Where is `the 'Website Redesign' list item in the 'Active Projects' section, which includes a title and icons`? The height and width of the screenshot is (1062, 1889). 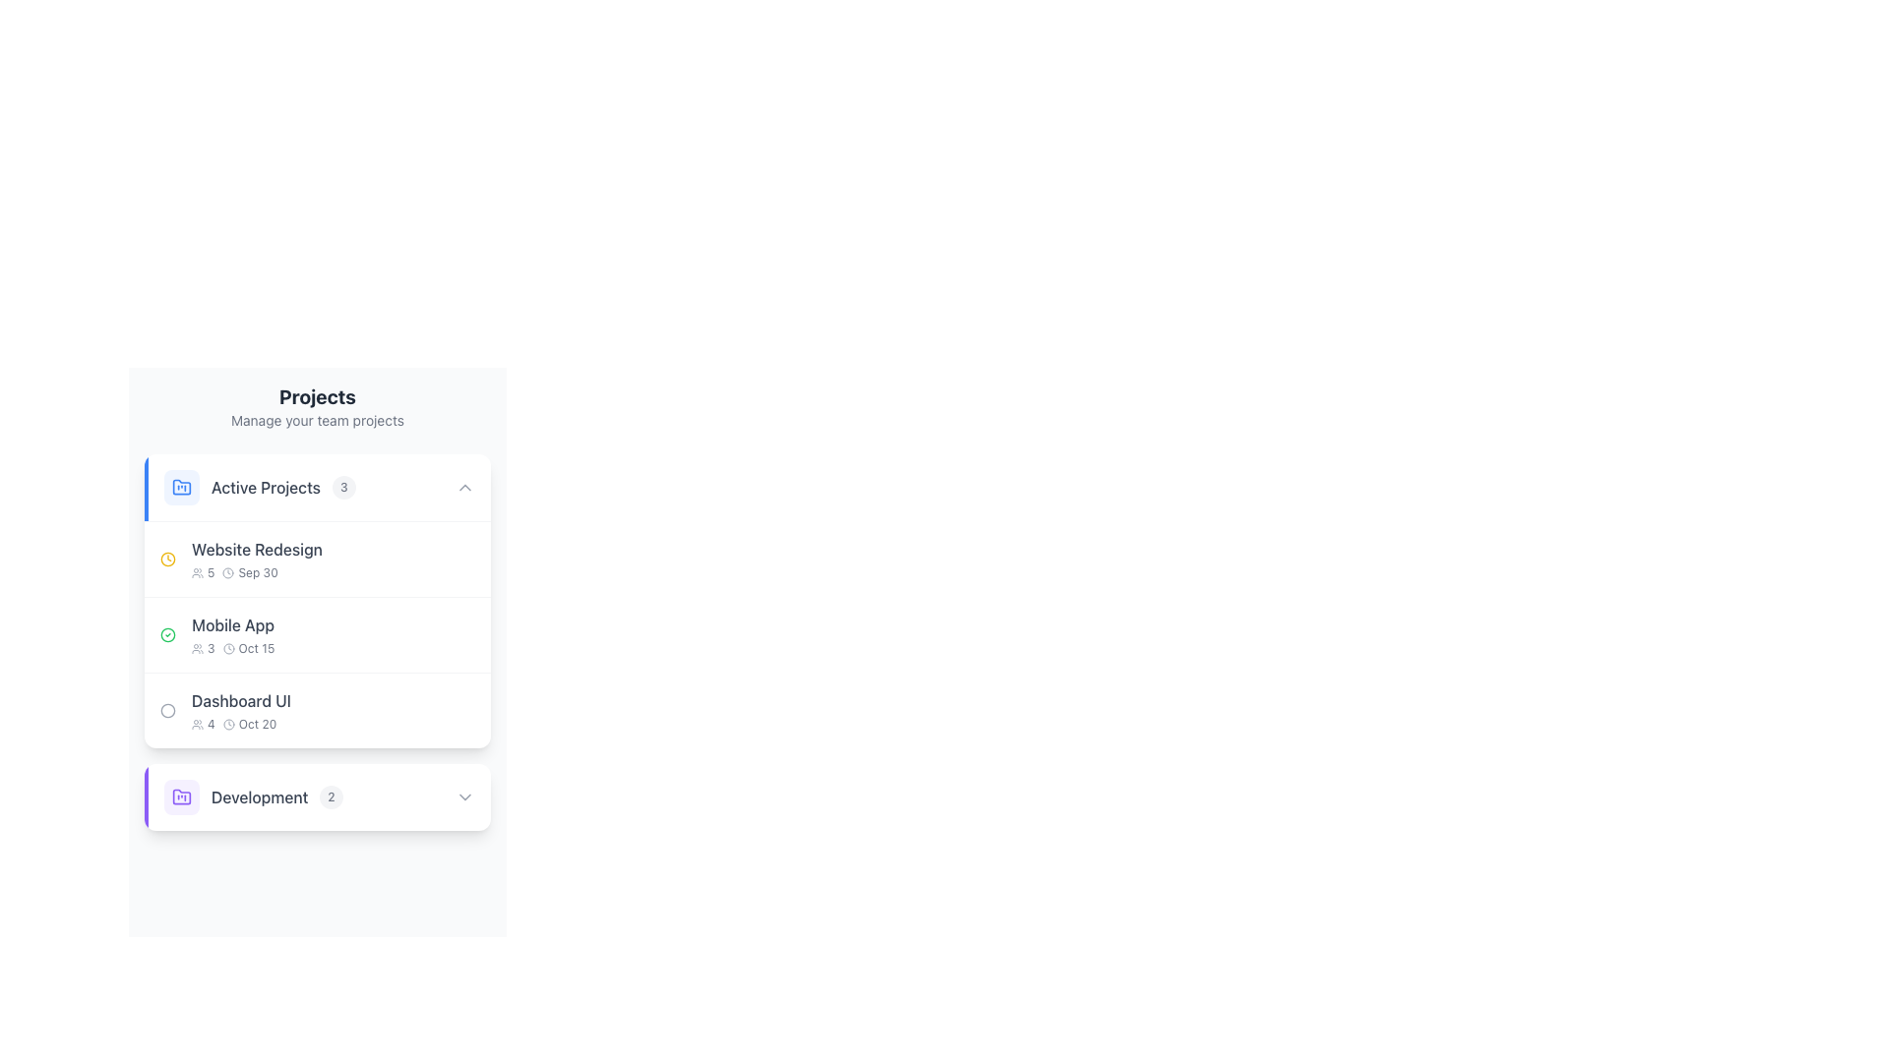 the 'Website Redesign' list item in the 'Active Projects' section, which includes a title and icons is located at coordinates (256, 560).